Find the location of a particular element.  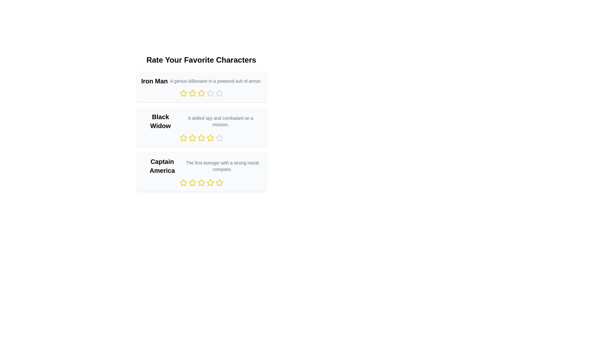

the second yellow star icon in the rating row under 'Captain America' to observe the scaling animation effect is located at coordinates (192, 182).